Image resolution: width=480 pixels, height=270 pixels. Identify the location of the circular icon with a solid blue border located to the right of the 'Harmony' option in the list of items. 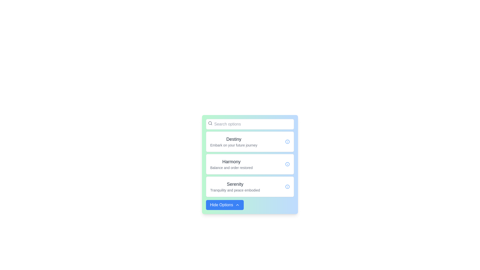
(287, 164).